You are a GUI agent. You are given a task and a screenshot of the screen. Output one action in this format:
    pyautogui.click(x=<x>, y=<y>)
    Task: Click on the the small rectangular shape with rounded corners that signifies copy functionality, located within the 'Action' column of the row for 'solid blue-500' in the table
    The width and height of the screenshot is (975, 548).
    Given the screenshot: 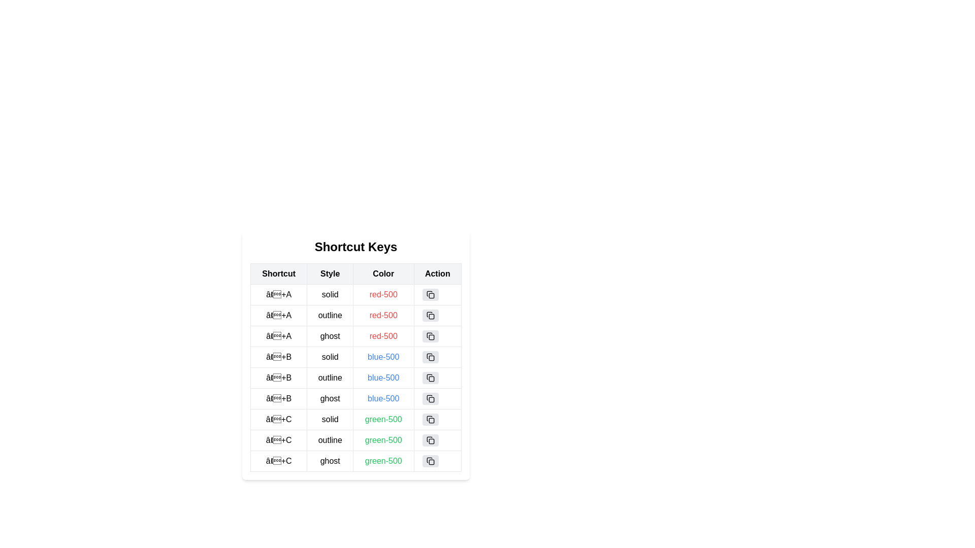 What is the action you would take?
    pyautogui.click(x=431, y=357)
    